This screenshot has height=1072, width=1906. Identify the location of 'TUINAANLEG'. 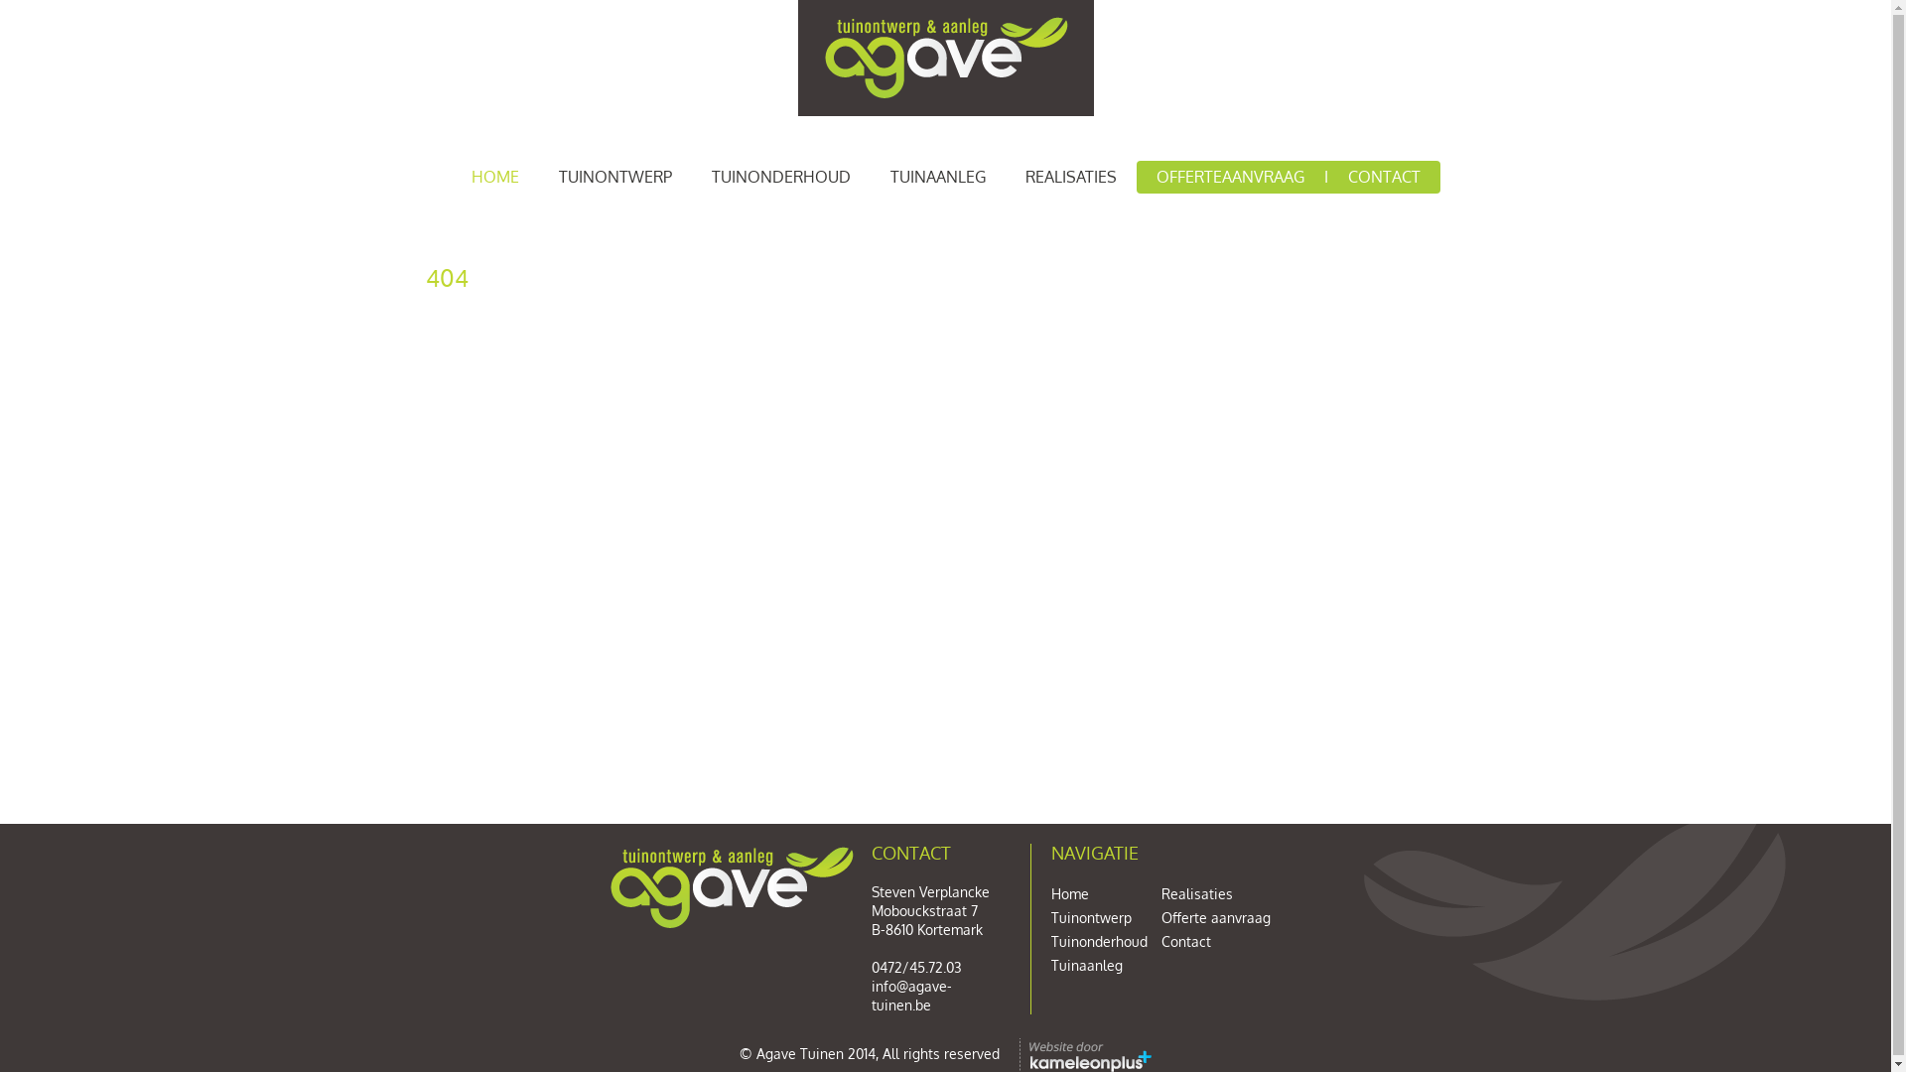
(936, 176).